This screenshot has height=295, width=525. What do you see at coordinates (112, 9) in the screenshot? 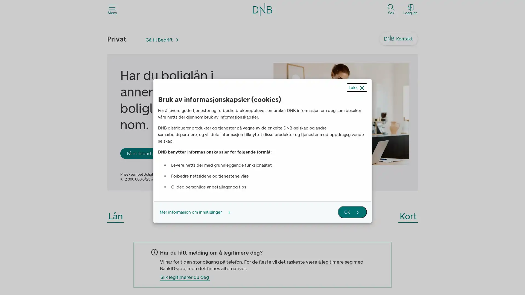
I see `Meny` at bounding box center [112, 9].